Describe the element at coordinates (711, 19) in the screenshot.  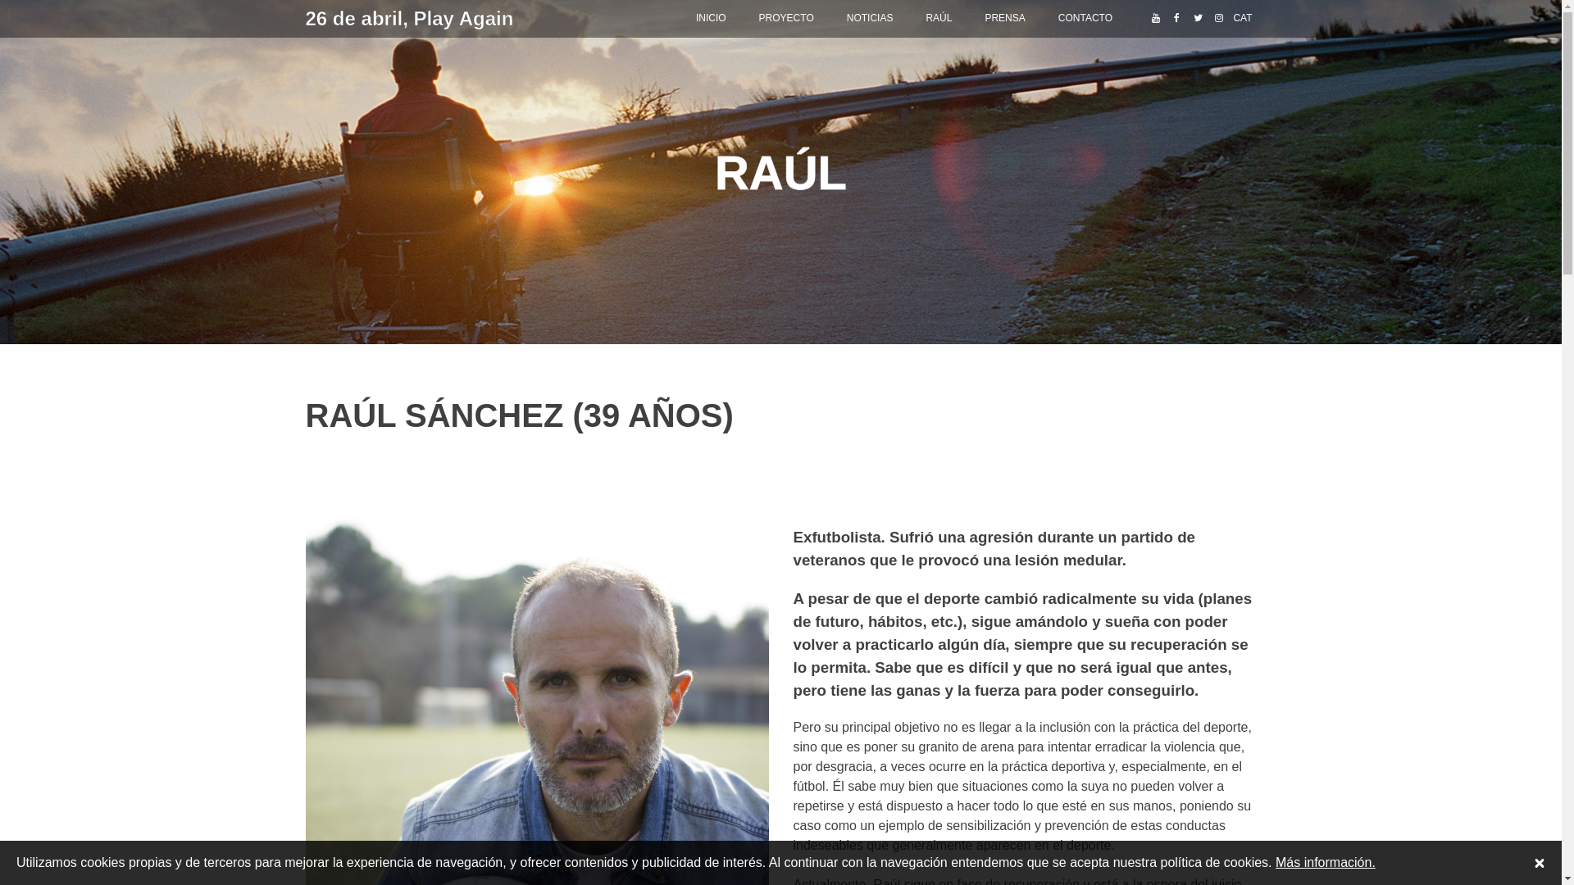
I see `'INICIO'` at that location.